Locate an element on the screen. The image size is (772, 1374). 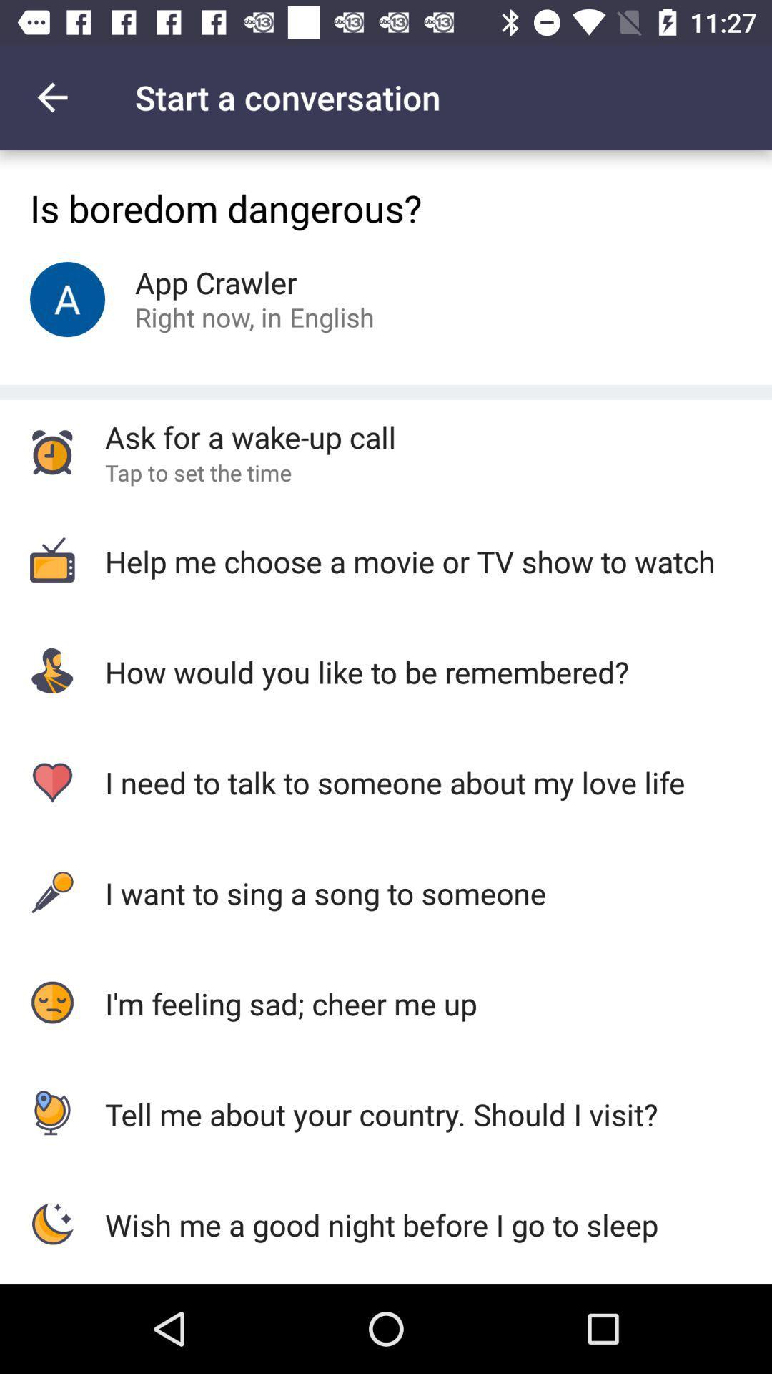
the icon above ask for a is located at coordinates (332, 316).